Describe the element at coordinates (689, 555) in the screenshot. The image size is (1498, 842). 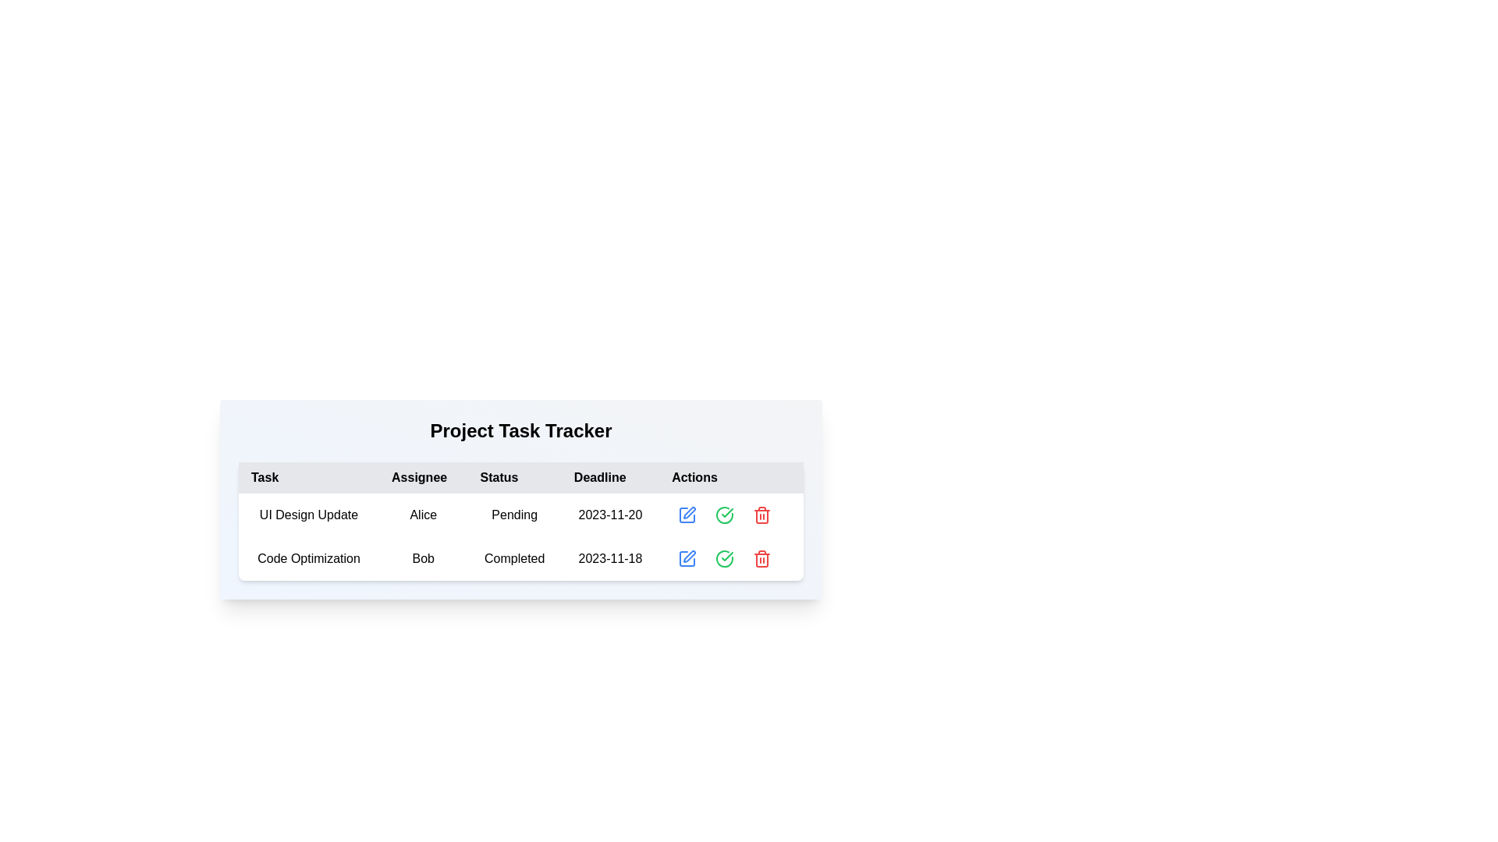
I see `the edit action icon button represented by a pen overlaying a square, located in the 'Actions' column of the second row next to 'Code Optimization', for keyboard interaction` at that location.